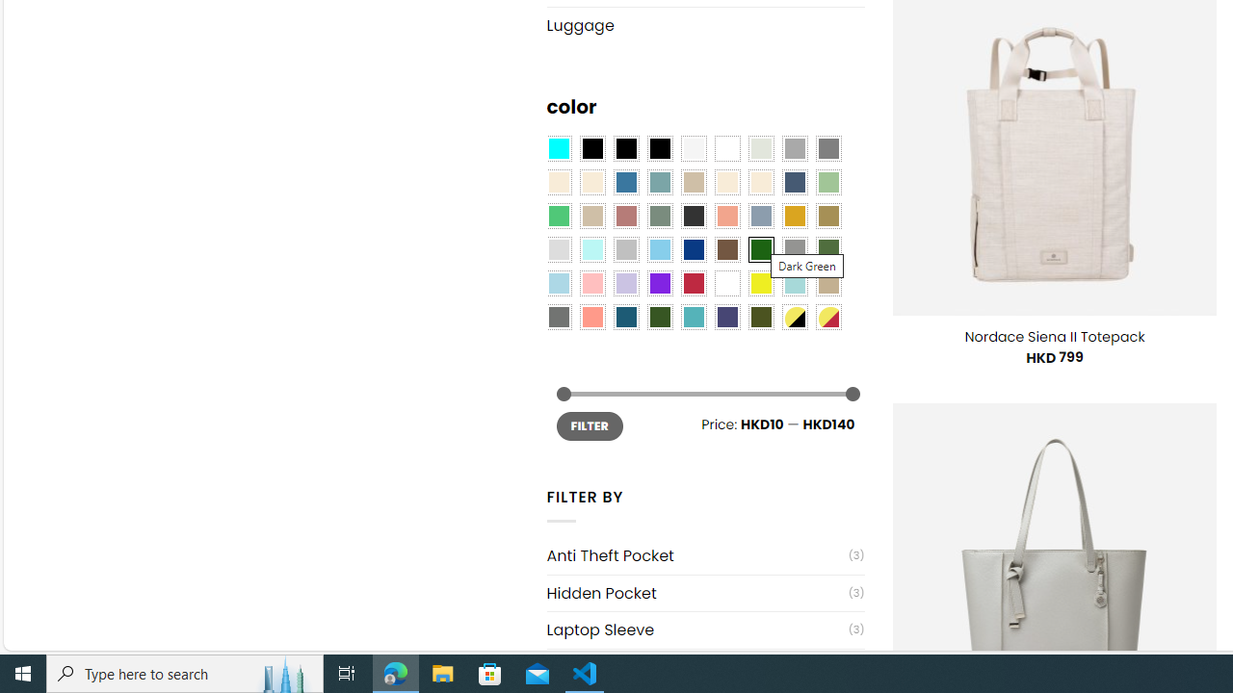 This screenshot has height=693, width=1233. What do you see at coordinates (591, 284) in the screenshot?
I see `'Pink'` at bounding box center [591, 284].